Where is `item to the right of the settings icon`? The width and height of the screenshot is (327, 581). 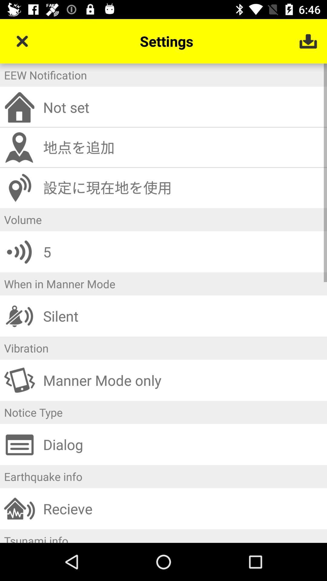
item to the right of the settings icon is located at coordinates (308, 41).